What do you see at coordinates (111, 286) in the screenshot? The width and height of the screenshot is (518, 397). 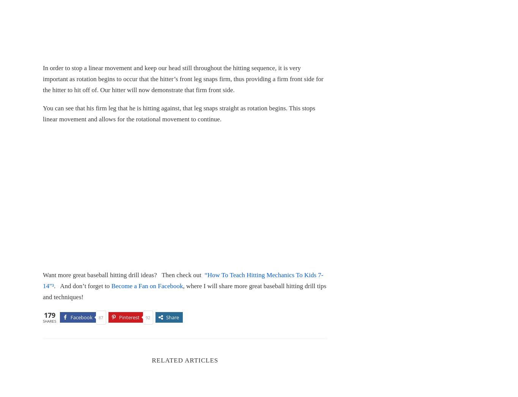 I see `'Become a Fan on Facebook'` at bounding box center [111, 286].